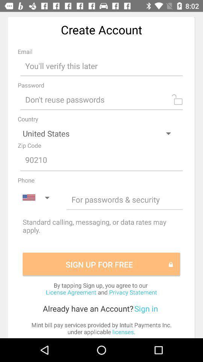 This screenshot has height=362, width=203. Describe the element at coordinates (101, 288) in the screenshot. I see `icon below the sign up for icon` at that location.